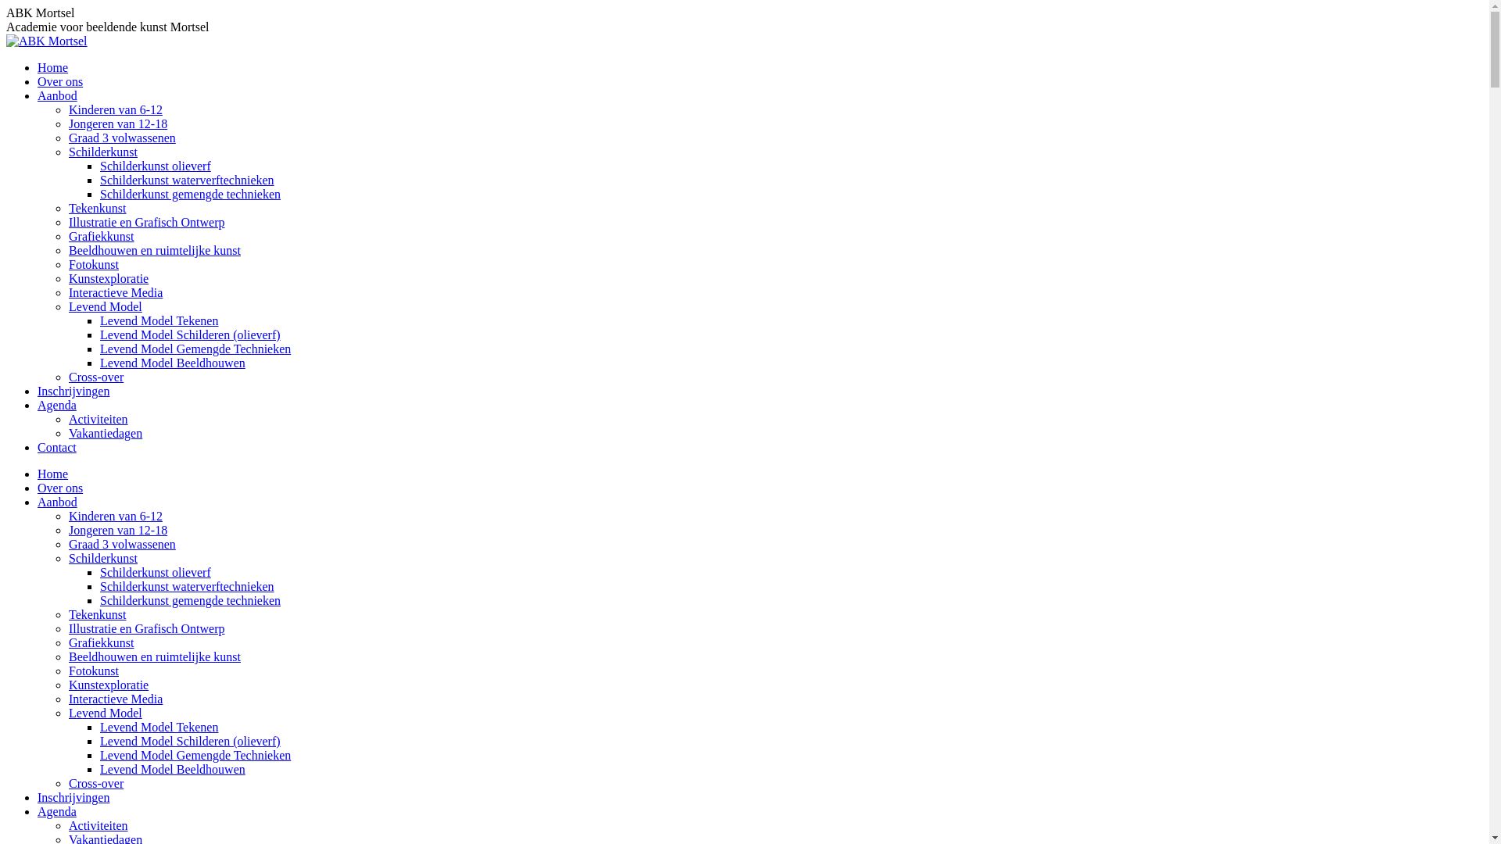 The image size is (1501, 844). I want to click on 'Vakantiedagen', so click(104, 433).